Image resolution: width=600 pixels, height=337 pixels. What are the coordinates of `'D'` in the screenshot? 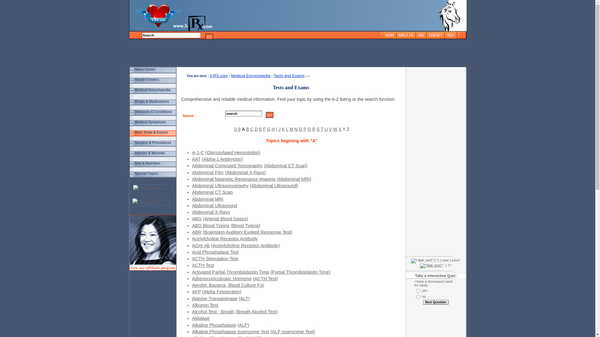 It's located at (256, 129).